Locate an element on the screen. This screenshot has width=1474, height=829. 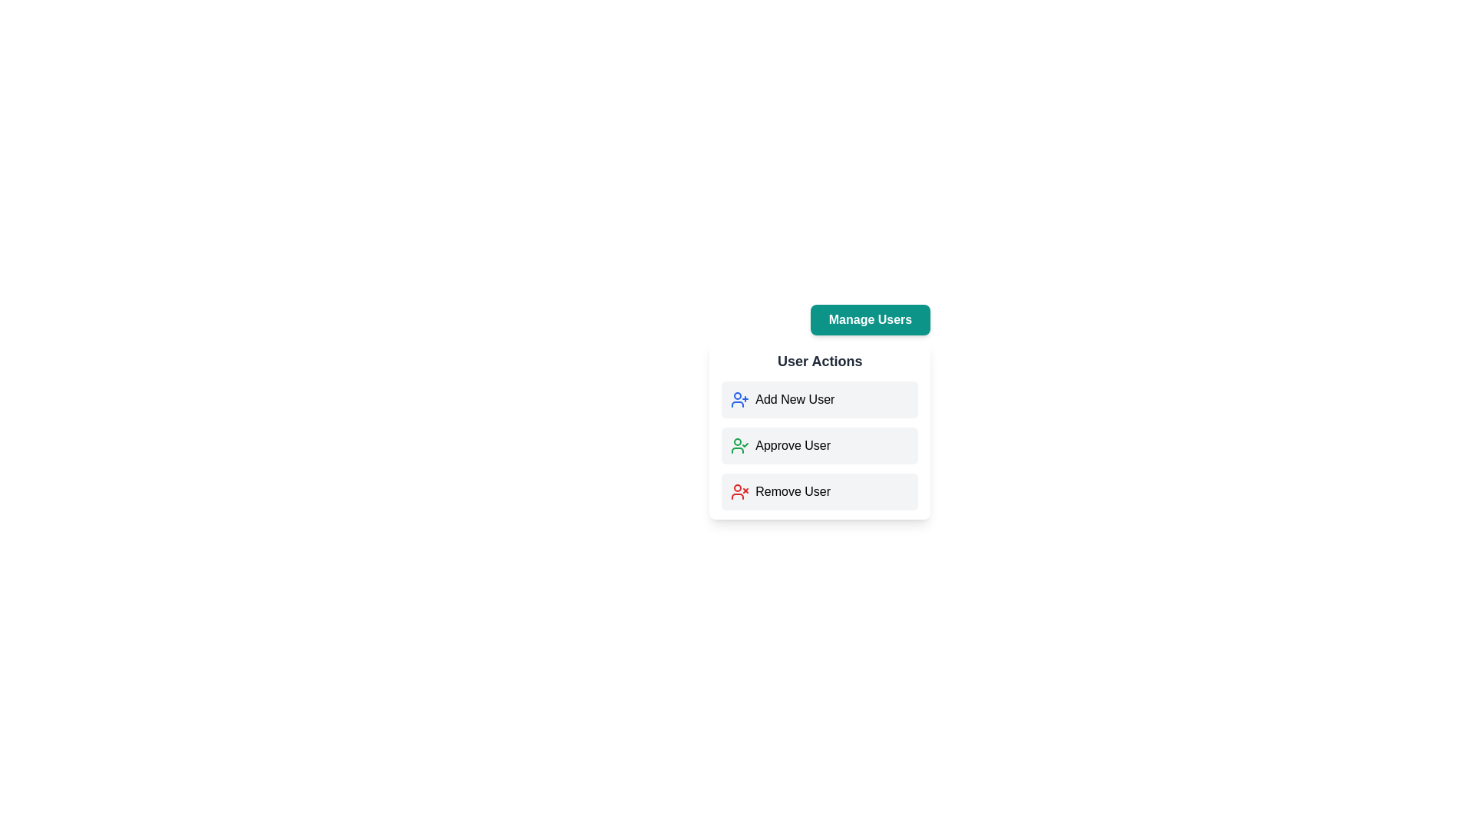
the user icon with a crossed-out symbol in red, located to the left of the 'Remove User' button in the 'User Actions' box, to initiate removal is located at coordinates (740, 491).